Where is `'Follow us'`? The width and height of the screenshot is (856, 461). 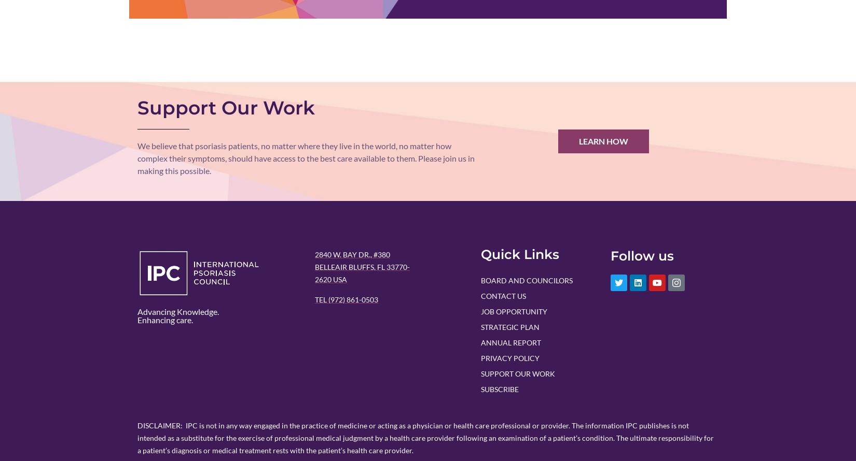 'Follow us' is located at coordinates (642, 256).